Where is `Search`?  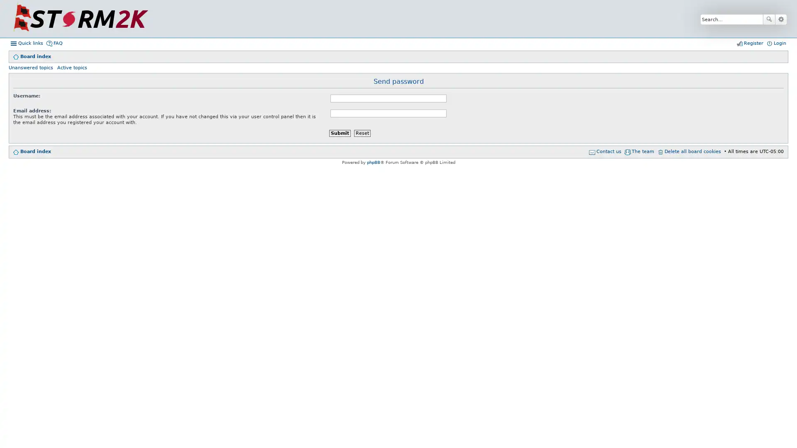 Search is located at coordinates (768, 19).